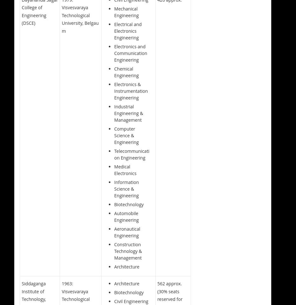 This screenshot has width=296, height=305. Describe the element at coordinates (126, 216) in the screenshot. I see `'Automobile Engineering'` at that location.